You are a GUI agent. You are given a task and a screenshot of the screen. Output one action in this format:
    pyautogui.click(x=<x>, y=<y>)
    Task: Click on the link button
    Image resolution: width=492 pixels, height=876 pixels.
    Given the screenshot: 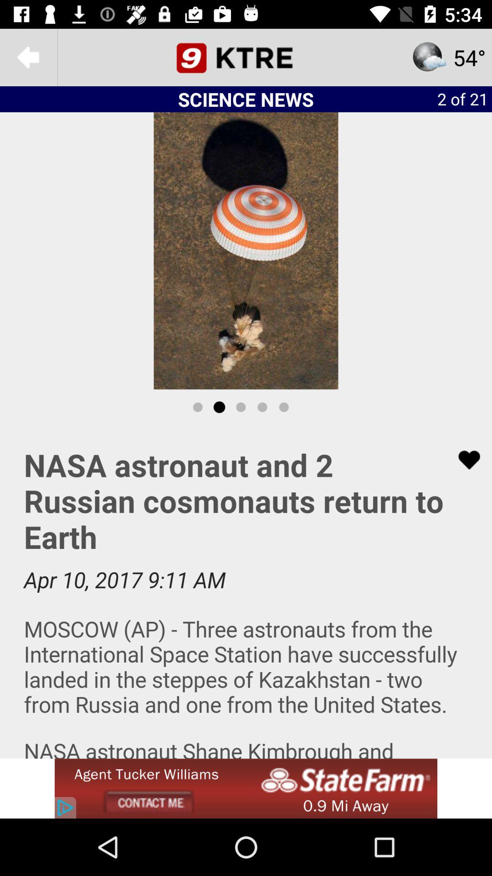 What is the action you would take?
    pyautogui.click(x=463, y=460)
    